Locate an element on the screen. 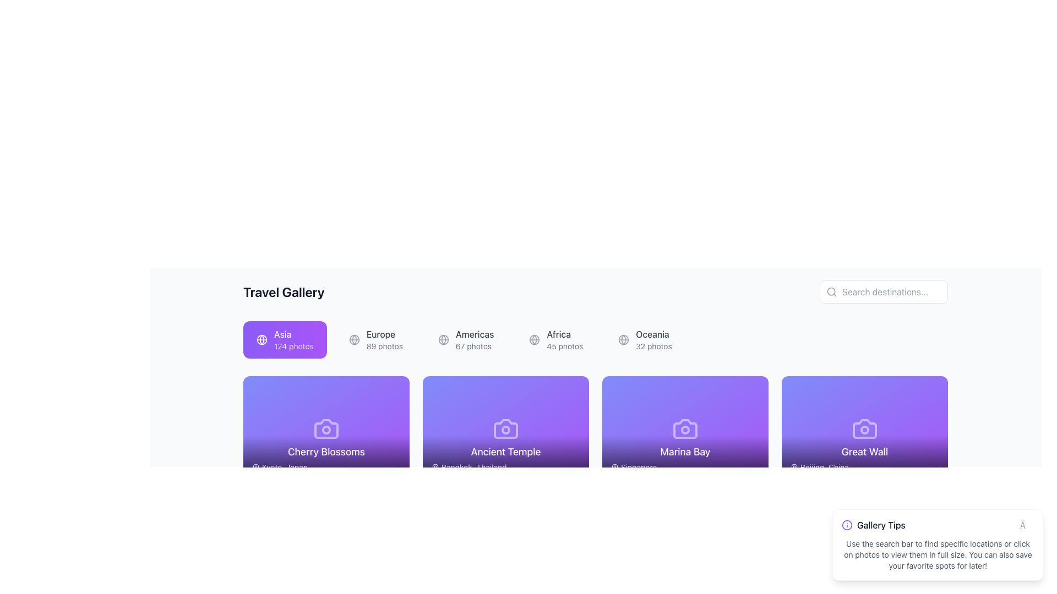 The image size is (1057, 594). text content of the informational overlay that describes 'Marina Bay, Singapore', located at the bottom of the card in the grid layout is located at coordinates (684, 458).